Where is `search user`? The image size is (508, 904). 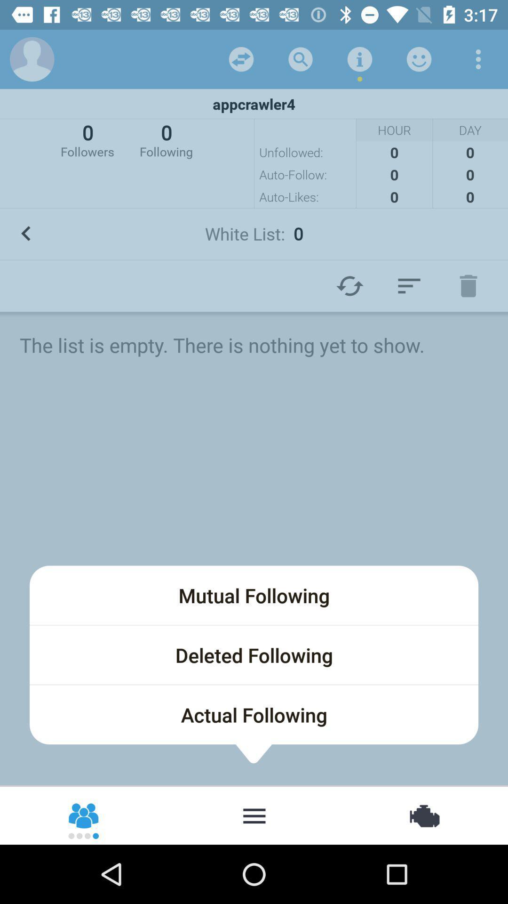 search user is located at coordinates (301, 58).